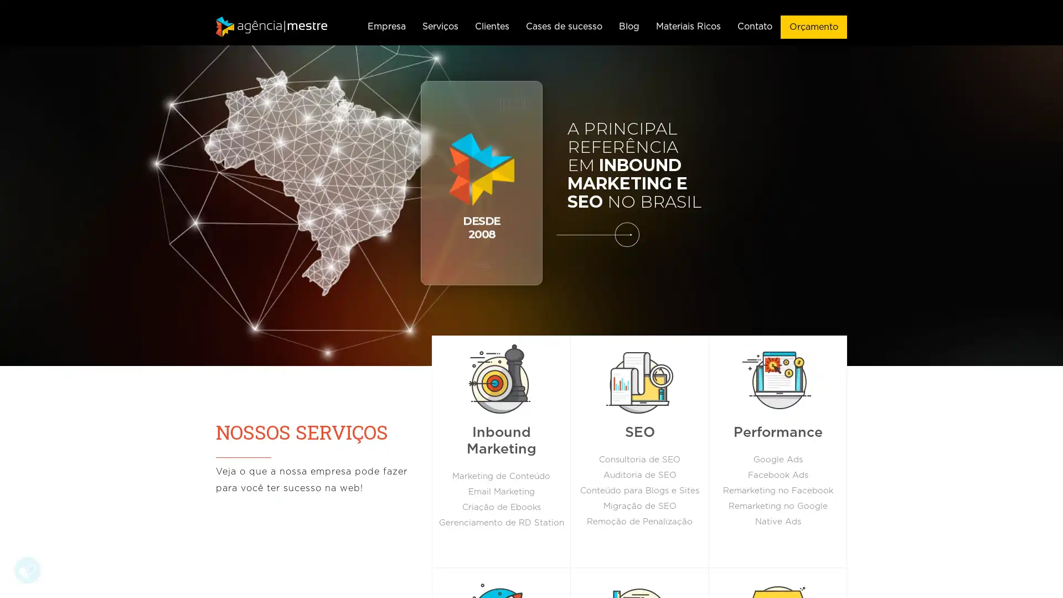 The width and height of the screenshot is (1063, 598). What do you see at coordinates (185, 535) in the screenshot?
I see `ACCEPT` at bounding box center [185, 535].